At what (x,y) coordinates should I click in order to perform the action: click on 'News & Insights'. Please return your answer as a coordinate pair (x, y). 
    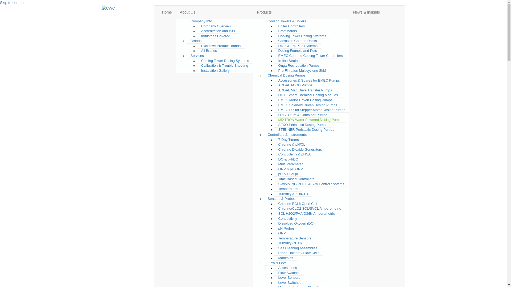
    Looking at the image, I should click on (366, 12).